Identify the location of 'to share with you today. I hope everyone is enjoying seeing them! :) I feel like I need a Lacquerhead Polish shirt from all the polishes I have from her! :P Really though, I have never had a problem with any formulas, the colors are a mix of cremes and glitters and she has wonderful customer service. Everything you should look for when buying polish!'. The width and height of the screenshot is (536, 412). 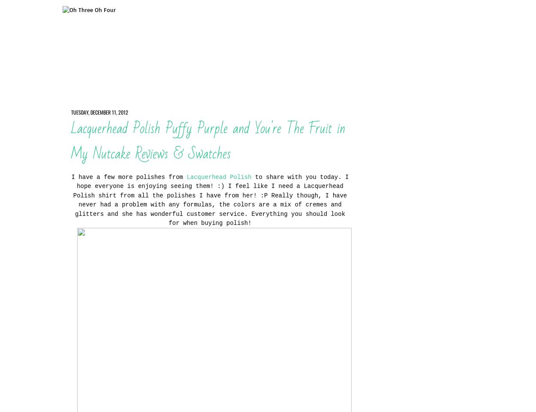
(210, 200).